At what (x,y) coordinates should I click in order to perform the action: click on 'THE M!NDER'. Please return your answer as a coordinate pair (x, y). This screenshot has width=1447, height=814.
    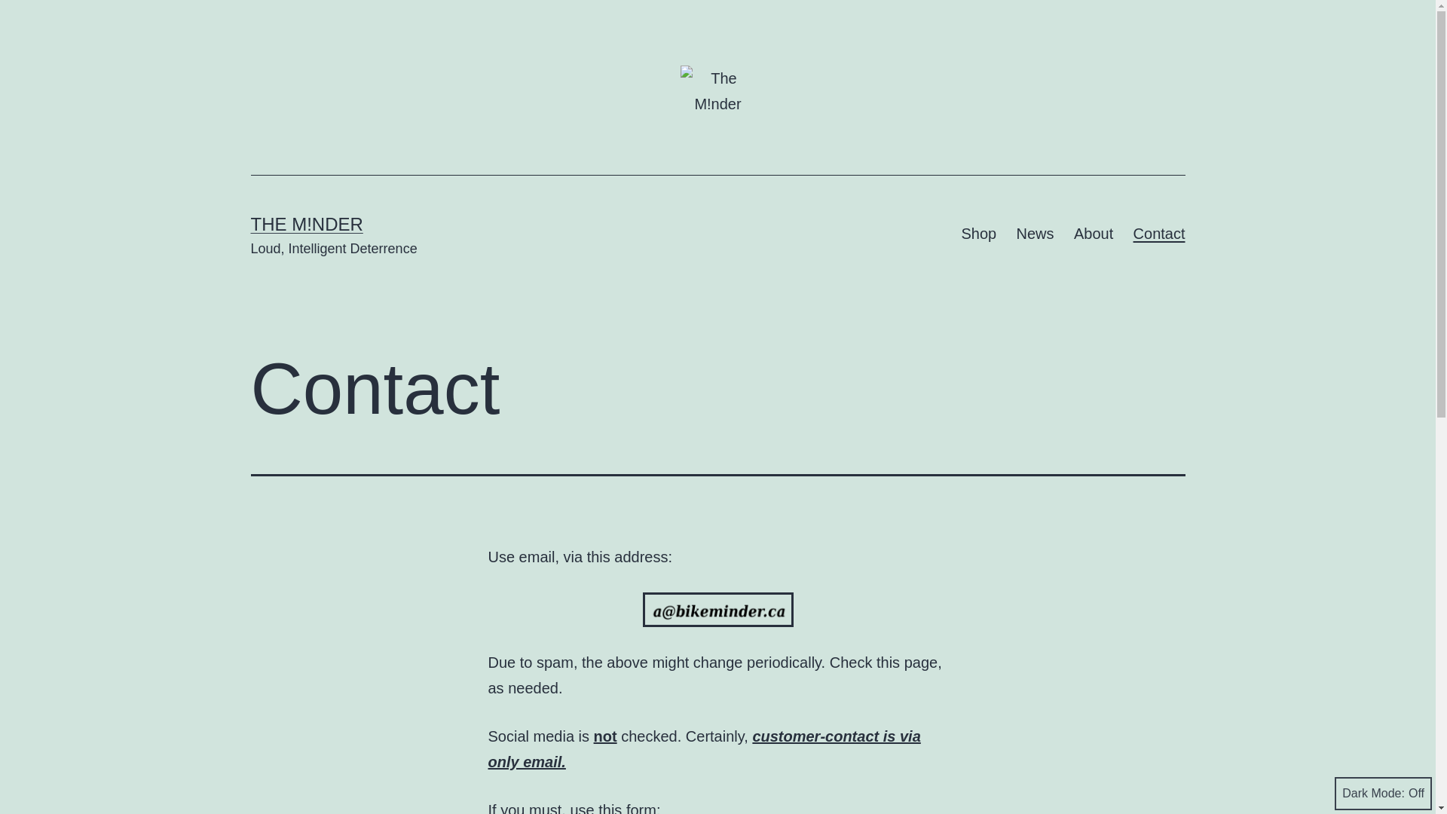
    Looking at the image, I should click on (305, 224).